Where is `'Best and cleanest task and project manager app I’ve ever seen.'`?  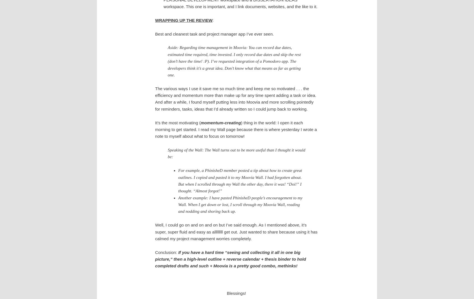 'Best and cleanest task and project manager app I’ve ever seen.' is located at coordinates (214, 33).